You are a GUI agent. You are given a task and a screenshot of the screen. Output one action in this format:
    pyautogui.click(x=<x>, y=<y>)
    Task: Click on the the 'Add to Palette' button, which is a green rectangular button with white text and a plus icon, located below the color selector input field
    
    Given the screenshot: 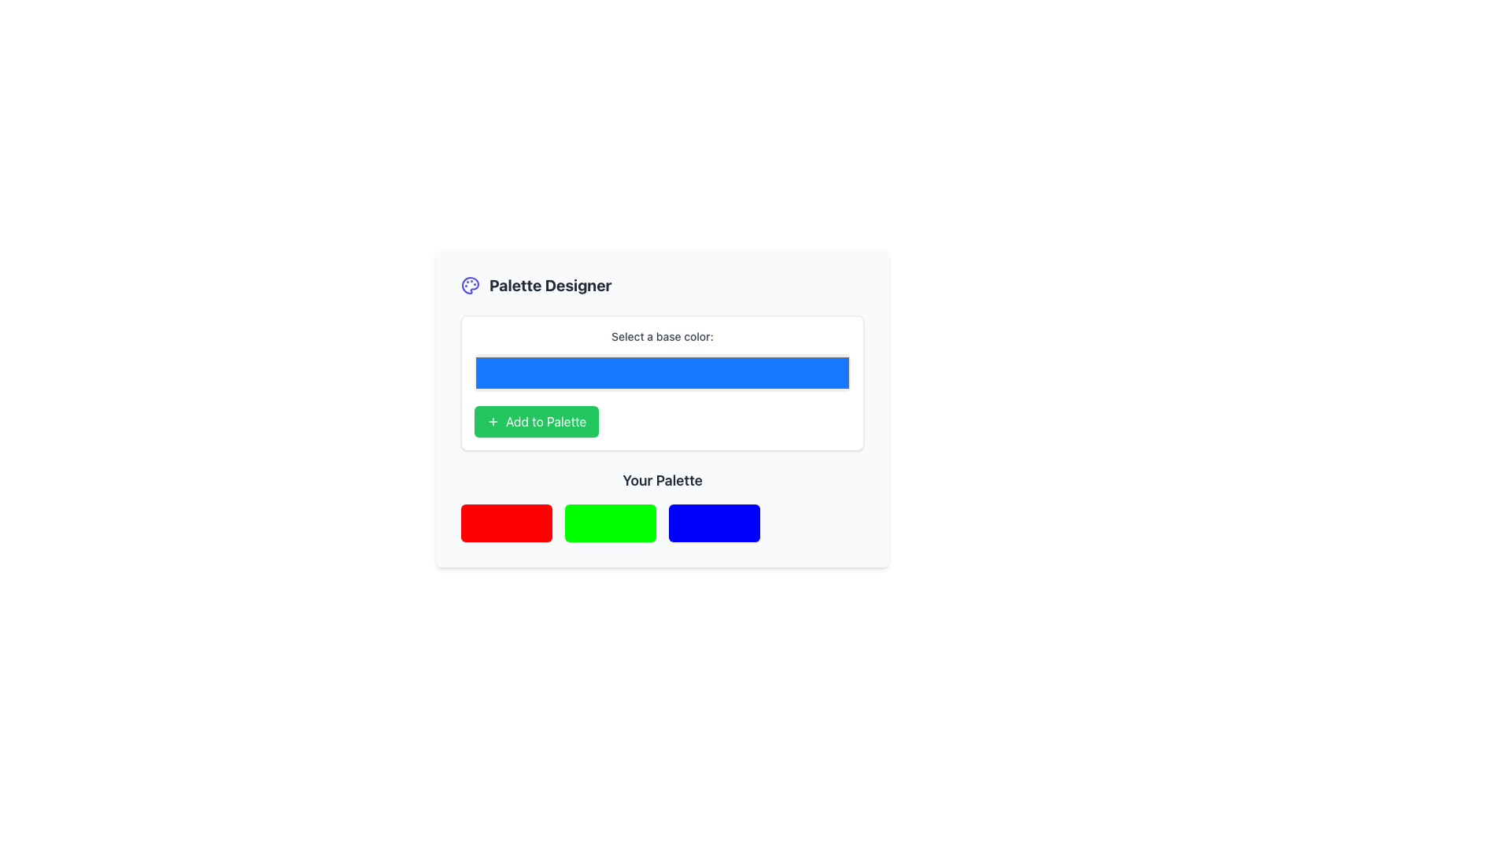 What is the action you would take?
    pyautogui.click(x=537, y=421)
    